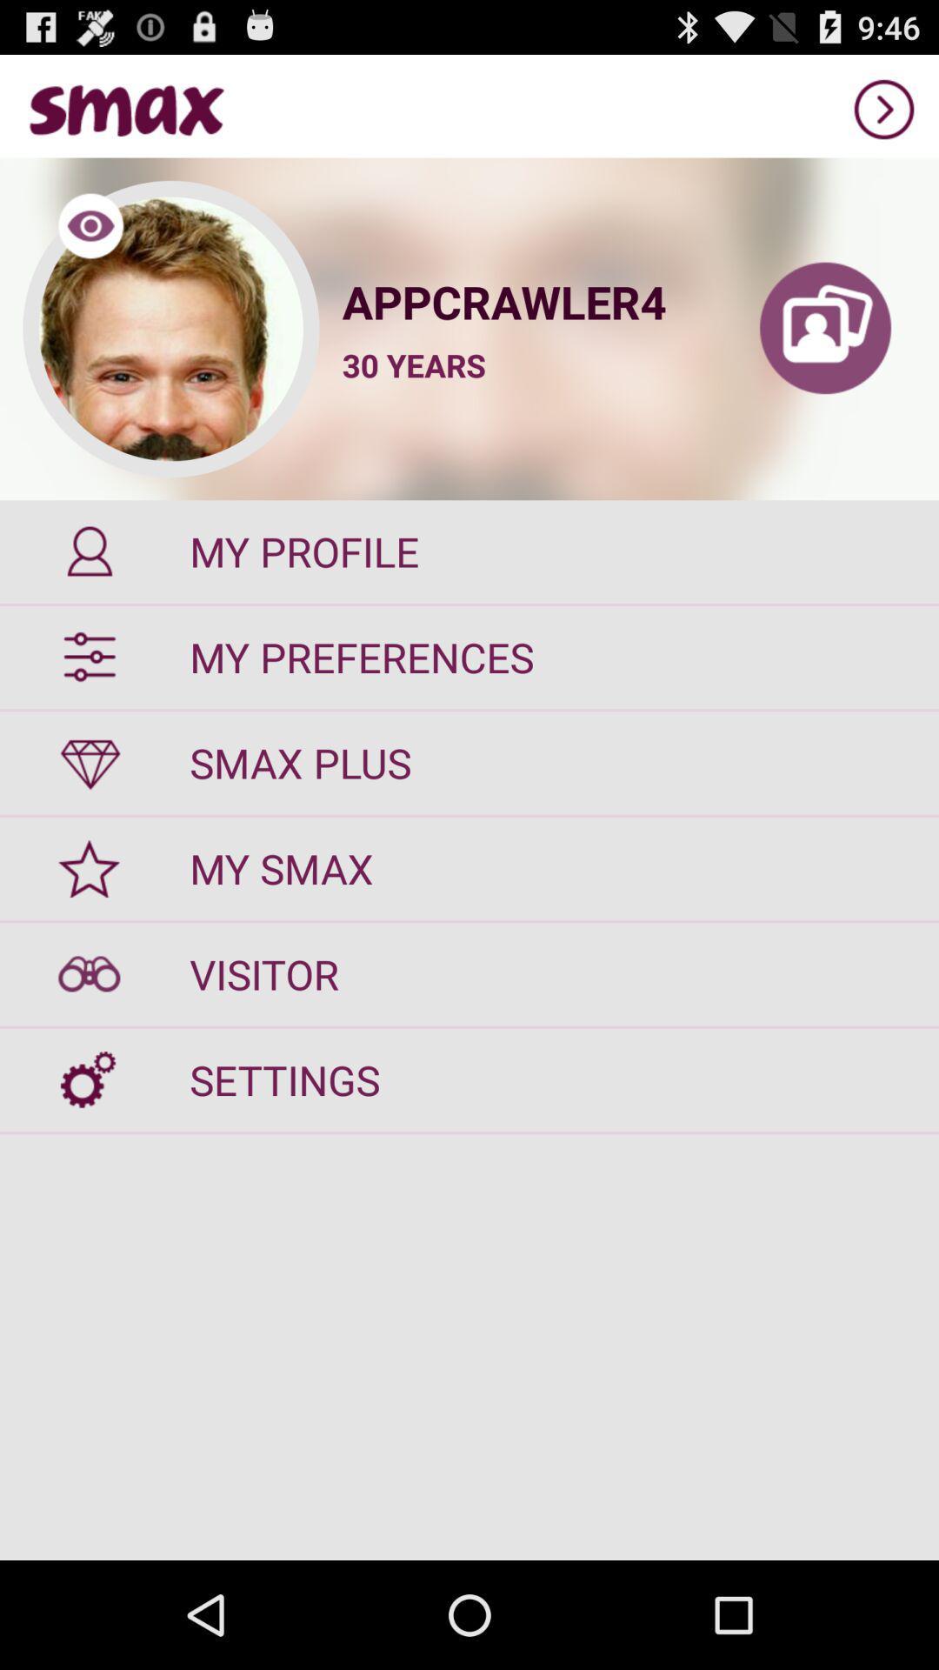 This screenshot has width=939, height=1670. I want to click on visitor, so click(469, 974).